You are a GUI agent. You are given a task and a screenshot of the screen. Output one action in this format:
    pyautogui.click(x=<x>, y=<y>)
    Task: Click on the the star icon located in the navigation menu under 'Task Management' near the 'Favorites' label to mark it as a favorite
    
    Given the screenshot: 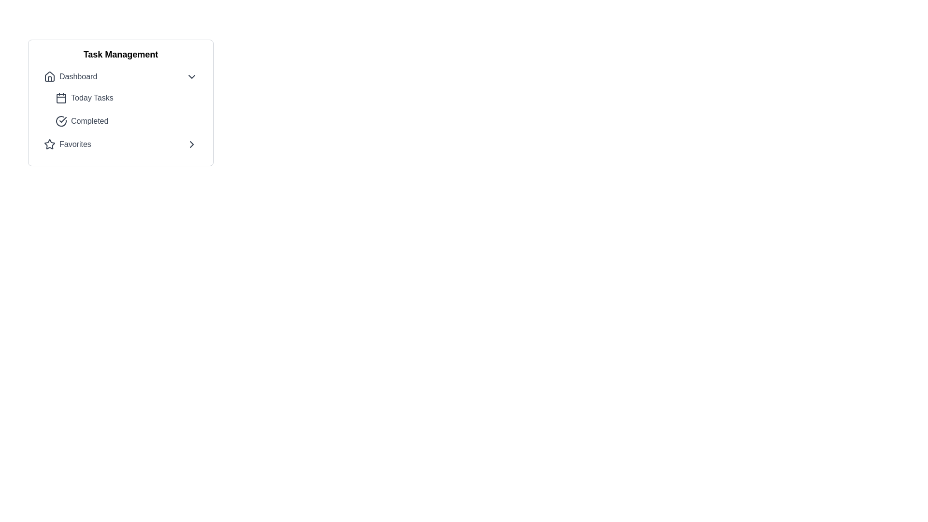 What is the action you would take?
    pyautogui.click(x=49, y=144)
    